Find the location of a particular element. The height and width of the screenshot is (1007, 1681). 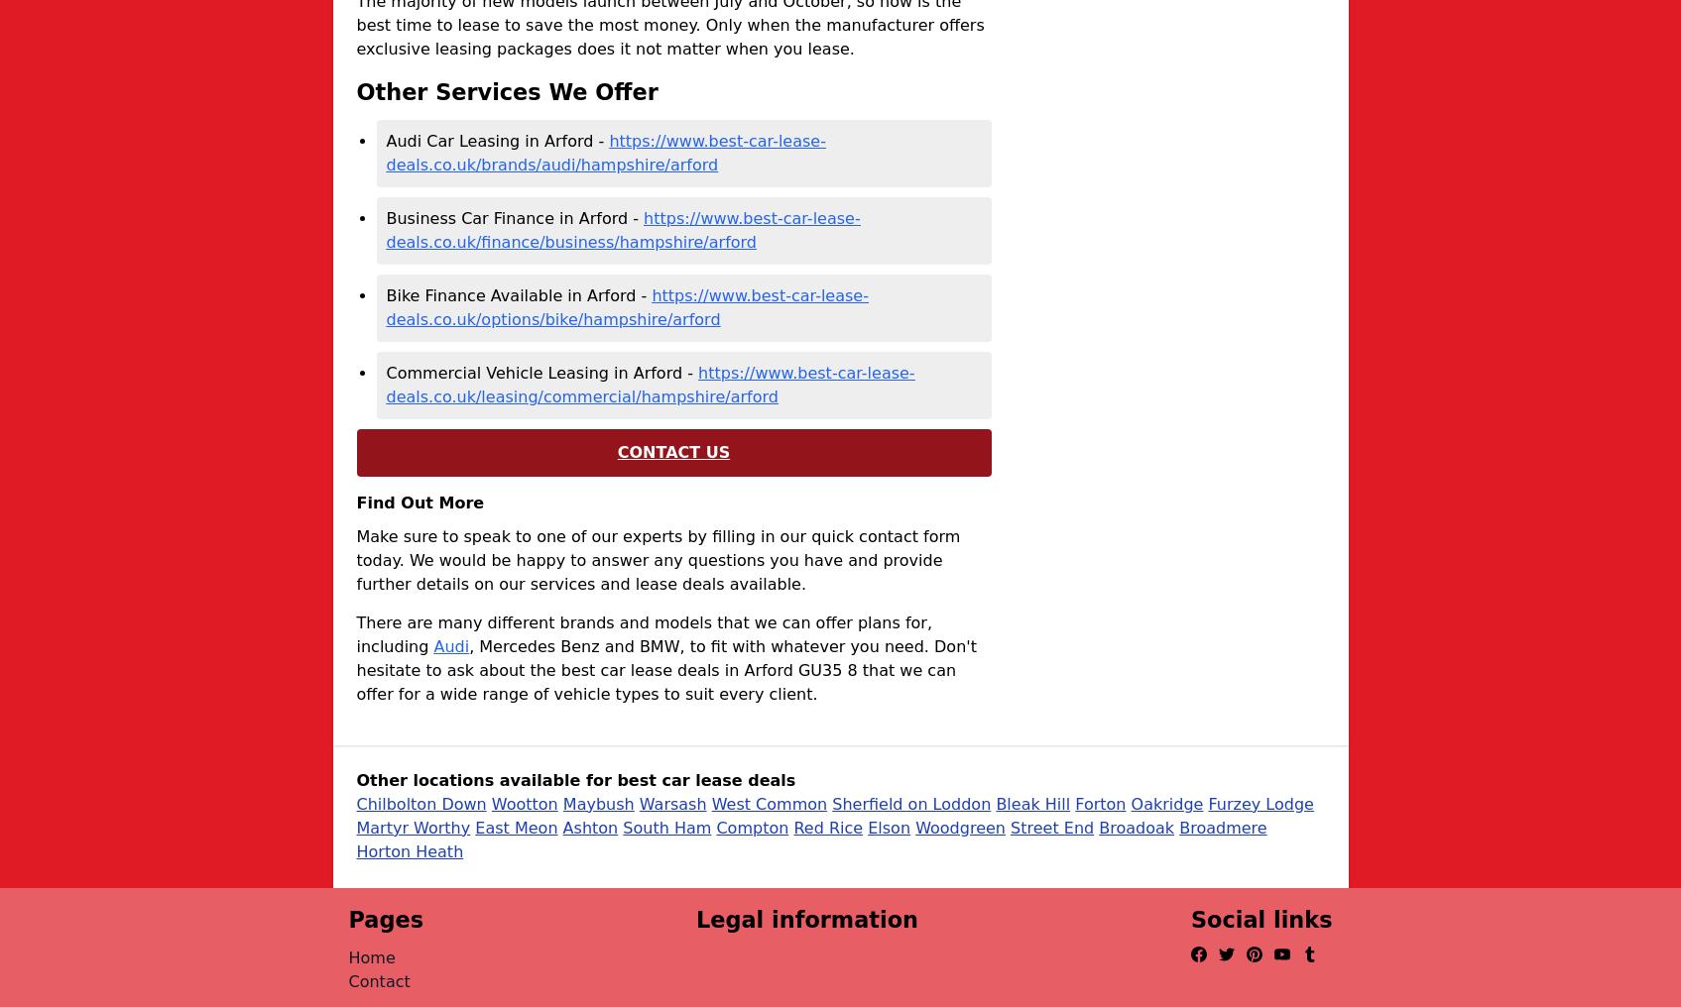

'Audi' is located at coordinates (450, 644).